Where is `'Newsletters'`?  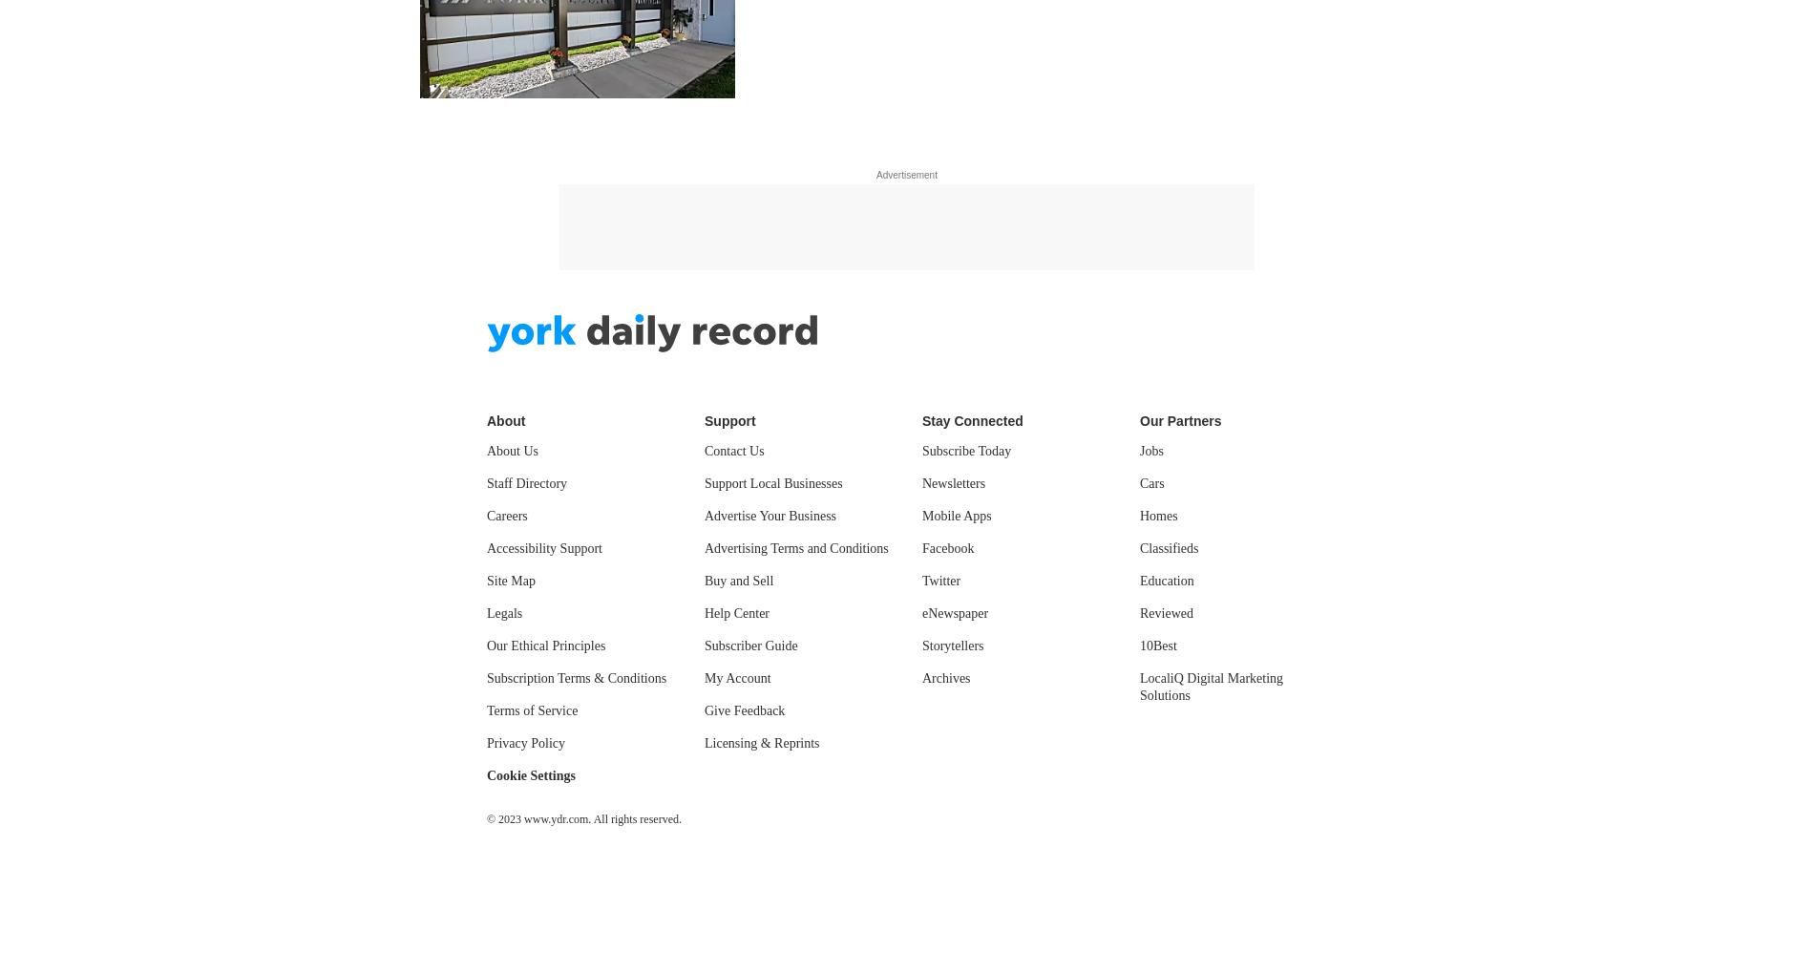 'Newsletters' is located at coordinates (921, 483).